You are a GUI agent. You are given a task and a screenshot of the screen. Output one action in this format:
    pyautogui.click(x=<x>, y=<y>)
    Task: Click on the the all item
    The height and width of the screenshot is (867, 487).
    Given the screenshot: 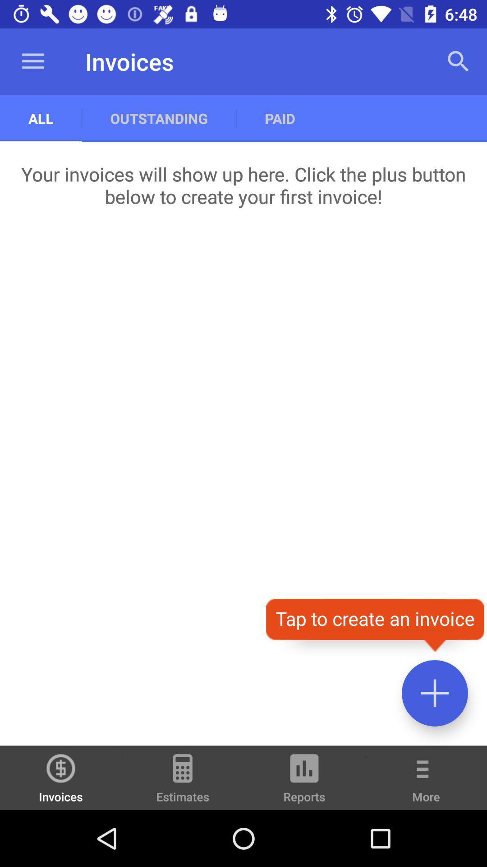 What is the action you would take?
    pyautogui.click(x=41, y=118)
    